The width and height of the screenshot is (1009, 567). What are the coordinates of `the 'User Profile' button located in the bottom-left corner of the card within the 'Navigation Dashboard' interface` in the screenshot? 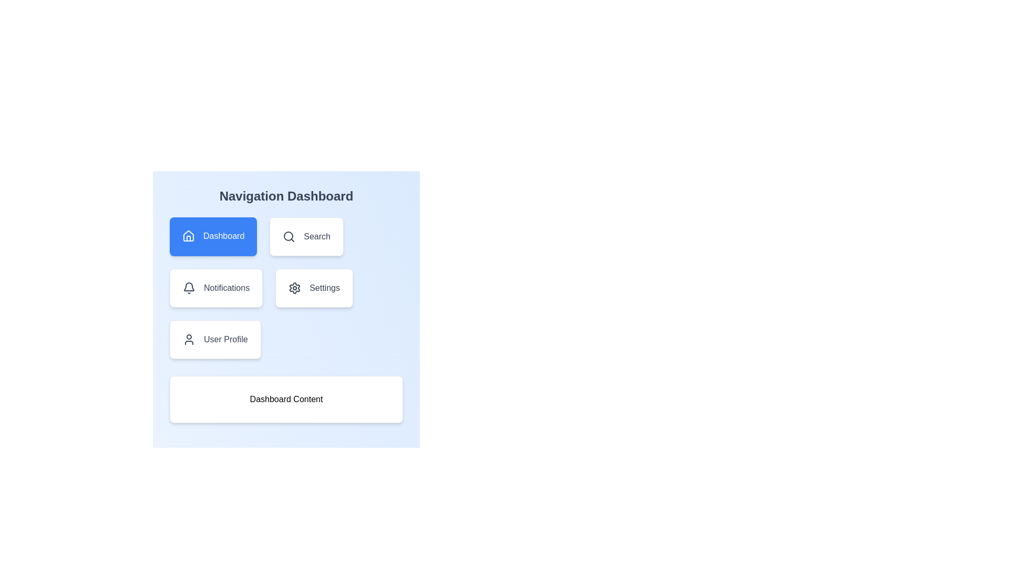 It's located at (214, 340).